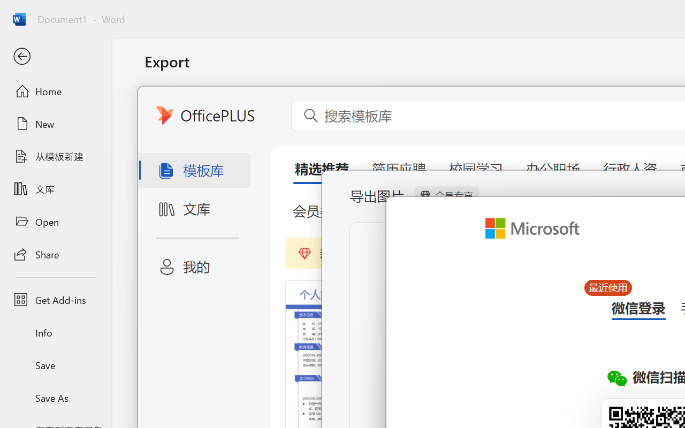 This screenshot has width=685, height=428. Describe the element at coordinates (55, 332) in the screenshot. I see `'Info'` at that location.